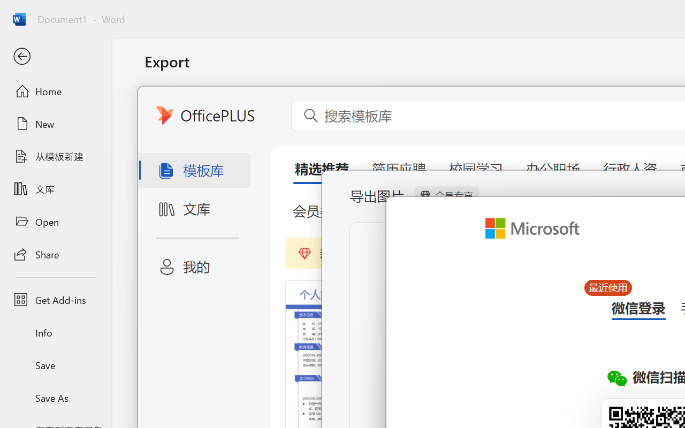 This screenshot has width=685, height=428. Describe the element at coordinates (55, 332) in the screenshot. I see `'Info'` at that location.